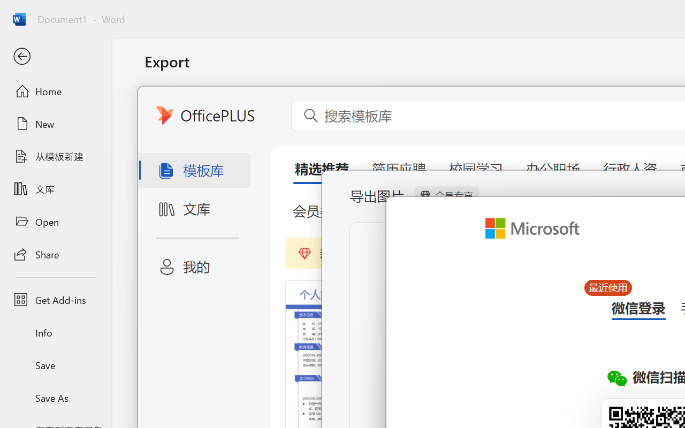 This screenshot has width=685, height=428. Describe the element at coordinates (55, 332) in the screenshot. I see `'Info'` at that location.